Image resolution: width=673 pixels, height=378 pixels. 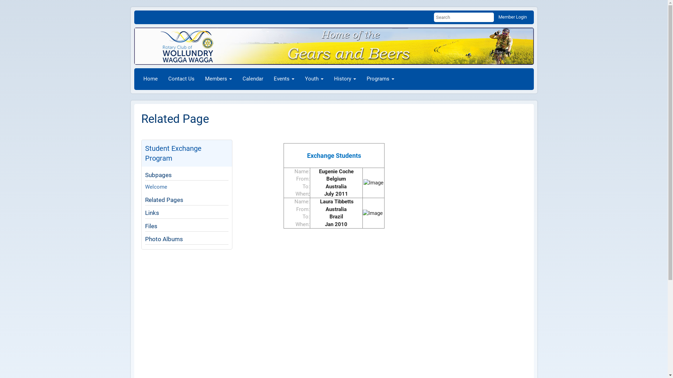 What do you see at coordinates (328, 79) in the screenshot?
I see `'History'` at bounding box center [328, 79].